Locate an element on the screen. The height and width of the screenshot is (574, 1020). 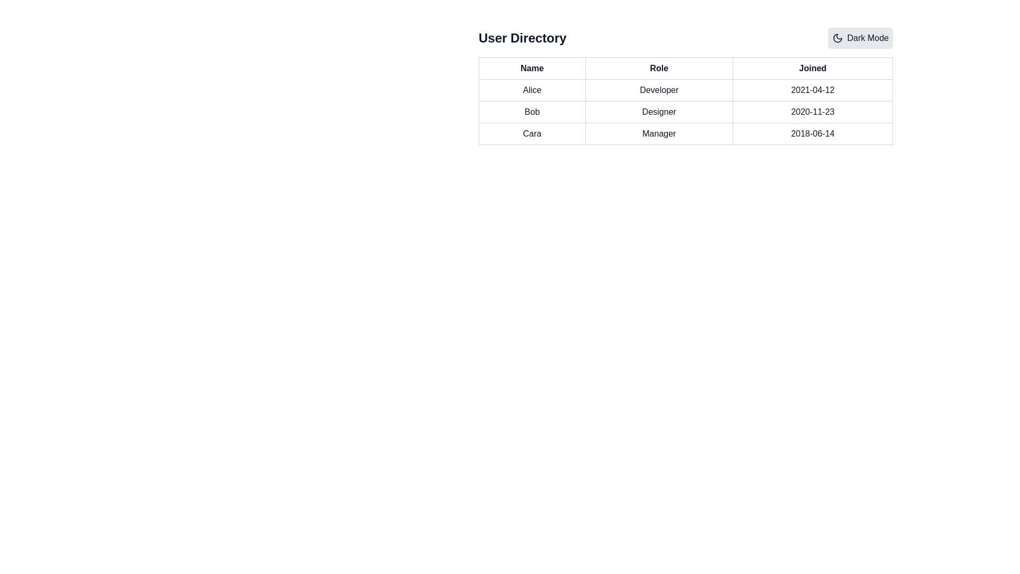
the text label displaying 'Cara' in the third row of the table under the 'Name' column is located at coordinates (532, 133).